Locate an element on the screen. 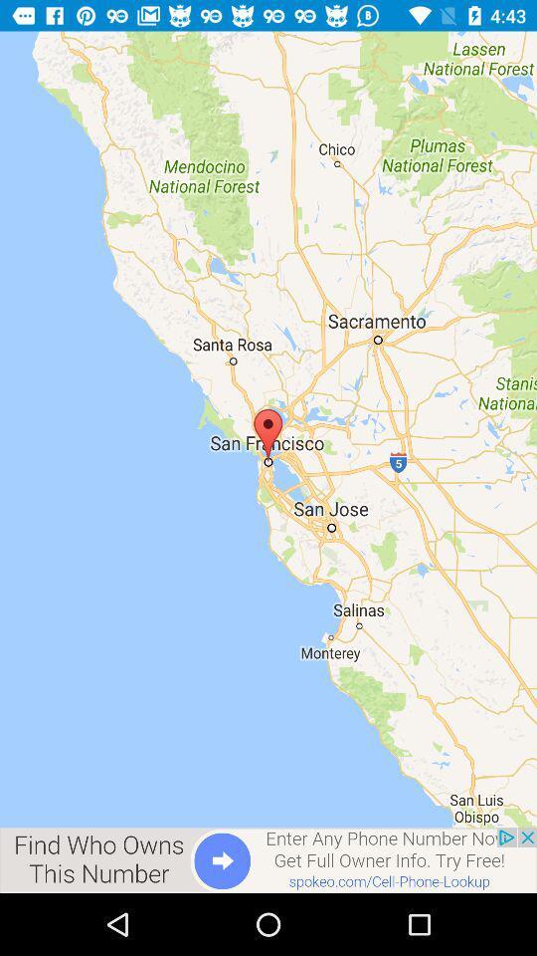 The width and height of the screenshot is (537, 956). advertisement is located at coordinates (268, 859).